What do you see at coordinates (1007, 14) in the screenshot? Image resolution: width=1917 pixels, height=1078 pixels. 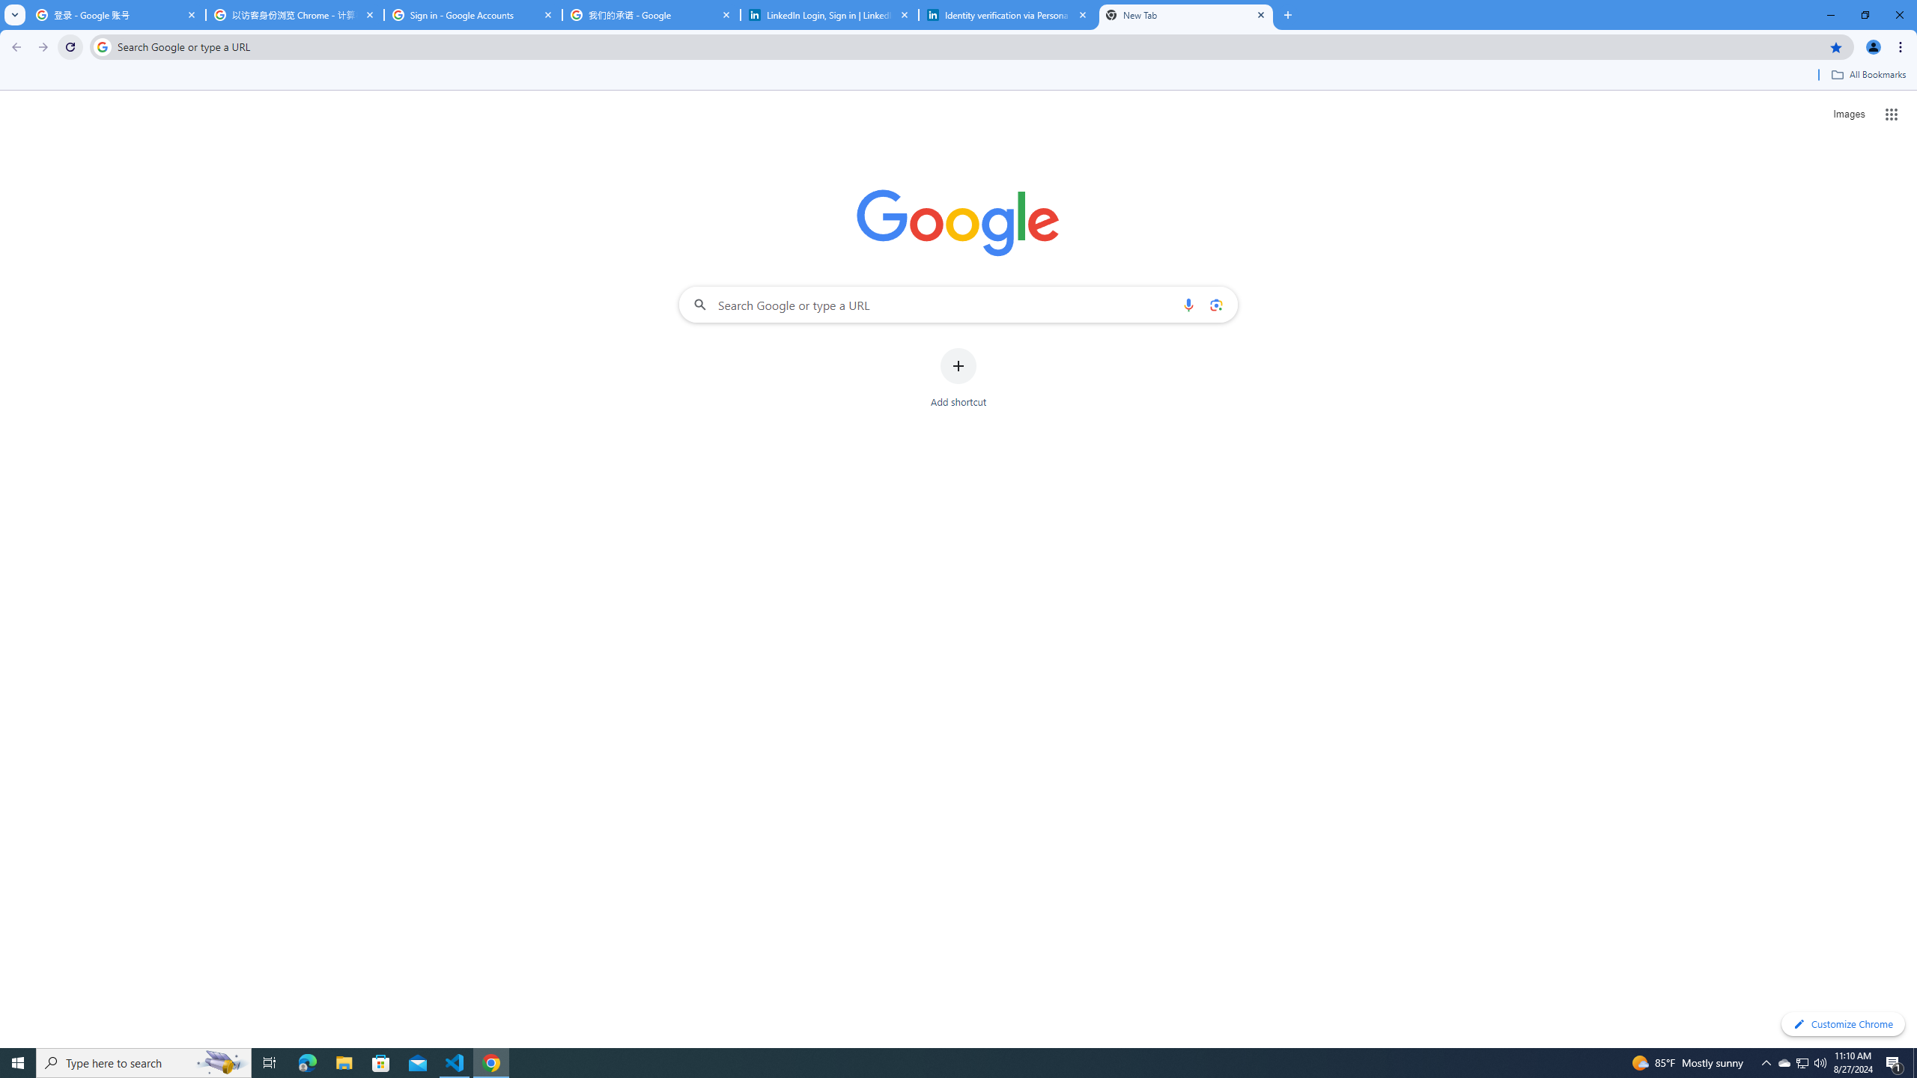 I see `'Identity verification via Persona | LinkedIn Help'` at bounding box center [1007, 14].